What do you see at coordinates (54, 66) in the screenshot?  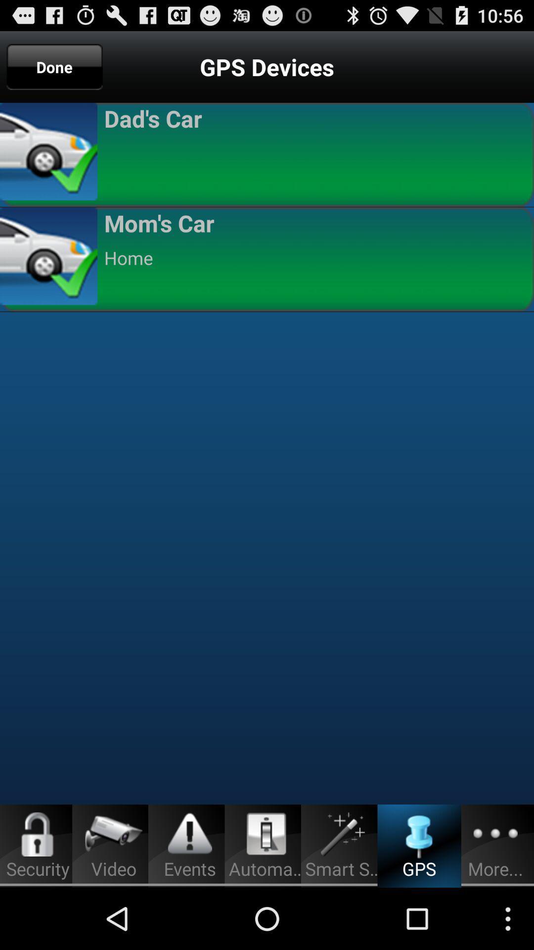 I see `the done` at bounding box center [54, 66].